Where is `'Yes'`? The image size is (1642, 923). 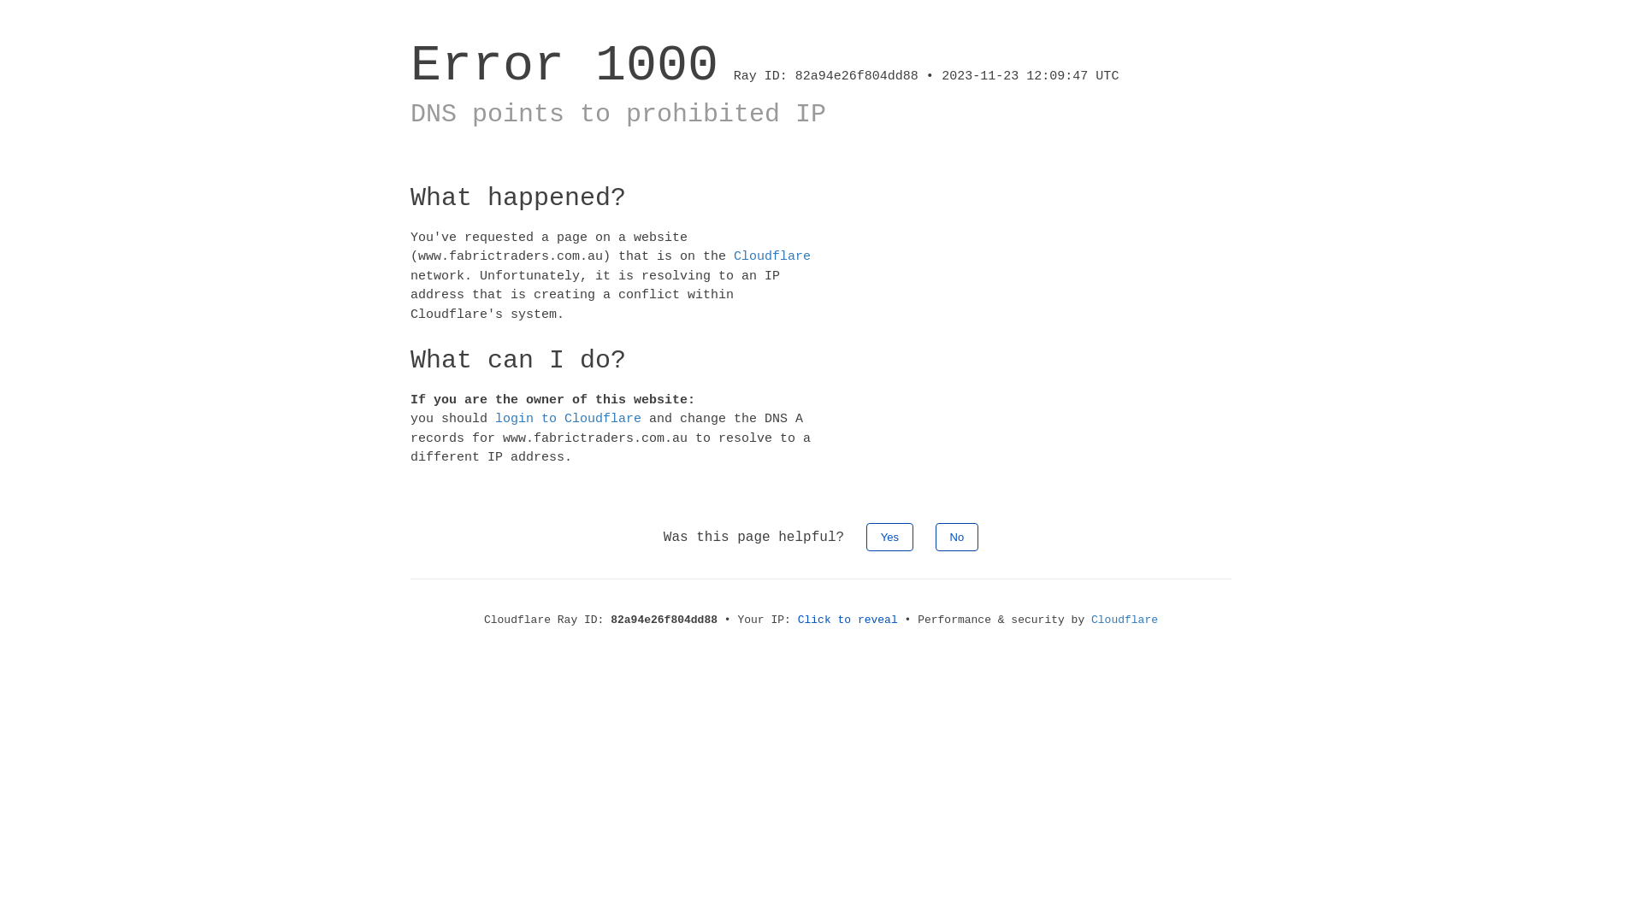 'Yes' is located at coordinates (889, 536).